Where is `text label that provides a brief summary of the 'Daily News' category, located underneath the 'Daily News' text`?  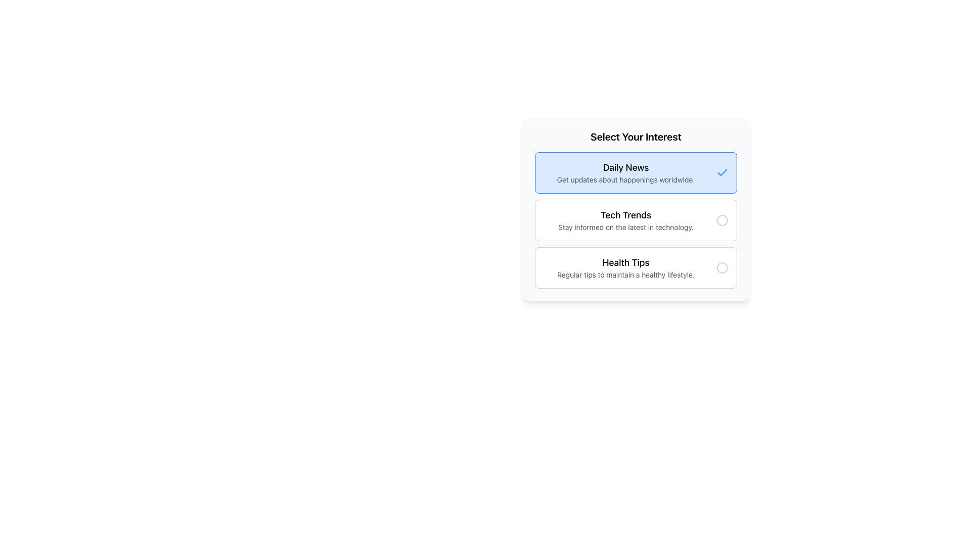
text label that provides a brief summary of the 'Daily News' category, located underneath the 'Daily News' text is located at coordinates (625, 179).